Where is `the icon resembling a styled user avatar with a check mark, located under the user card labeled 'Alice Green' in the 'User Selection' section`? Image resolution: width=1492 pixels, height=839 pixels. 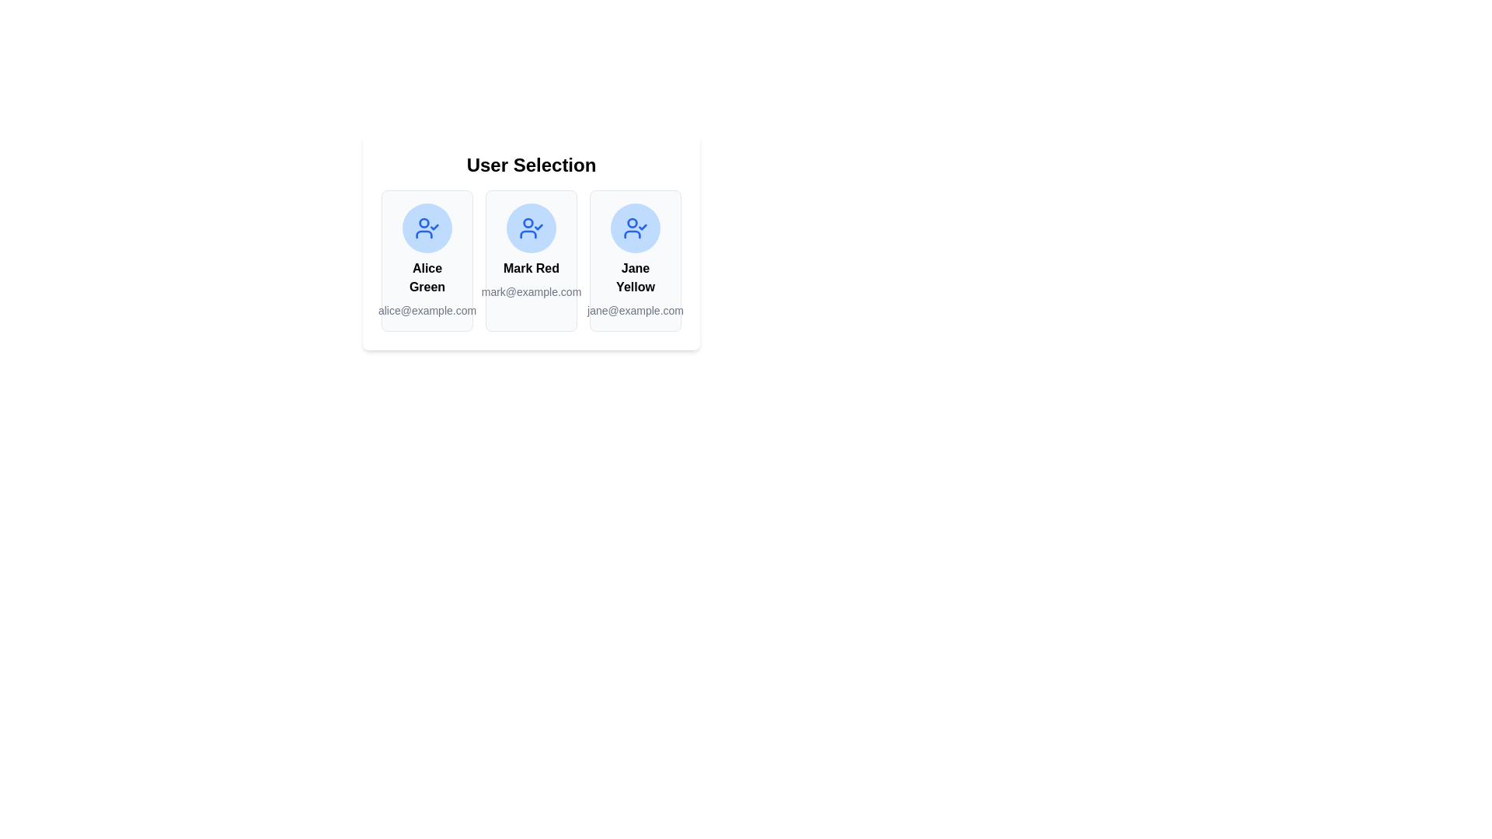 the icon resembling a styled user avatar with a check mark, located under the user card labeled 'Alice Green' in the 'User Selection' section is located at coordinates (424, 234).